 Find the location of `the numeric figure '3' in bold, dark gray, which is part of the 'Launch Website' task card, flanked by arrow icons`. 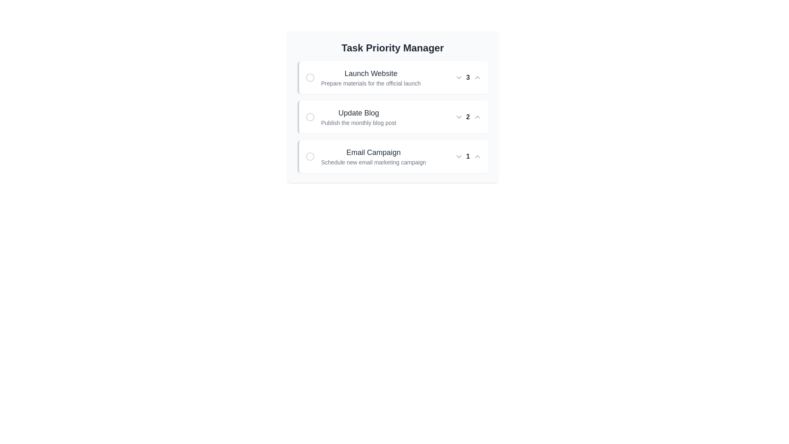

the numeric figure '3' in bold, dark gray, which is part of the 'Launch Website' task card, flanked by arrow icons is located at coordinates (468, 78).